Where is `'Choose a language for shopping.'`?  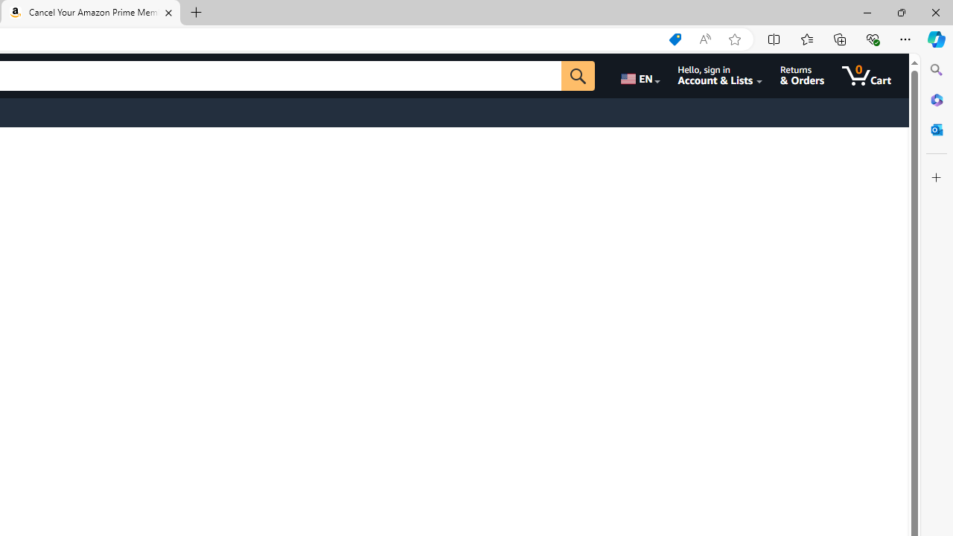
'Choose a language for shopping.' is located at coordinates (639, 75).